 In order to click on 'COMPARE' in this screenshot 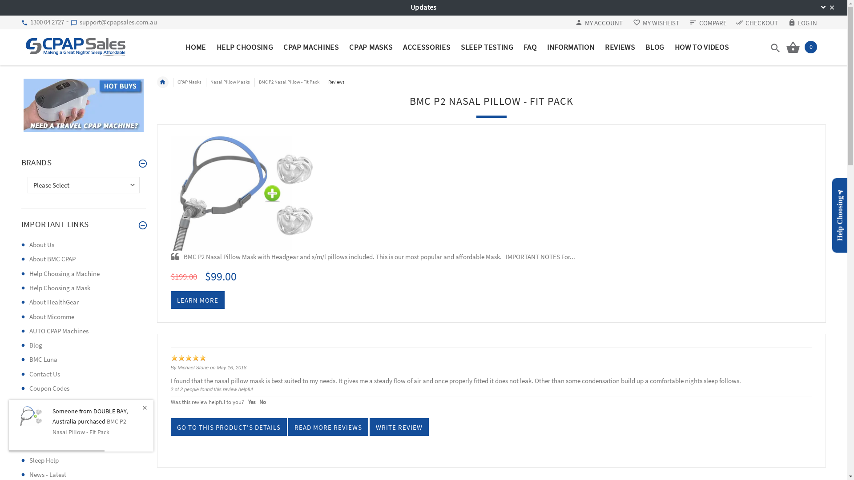, I will do `click(708, 22)`.